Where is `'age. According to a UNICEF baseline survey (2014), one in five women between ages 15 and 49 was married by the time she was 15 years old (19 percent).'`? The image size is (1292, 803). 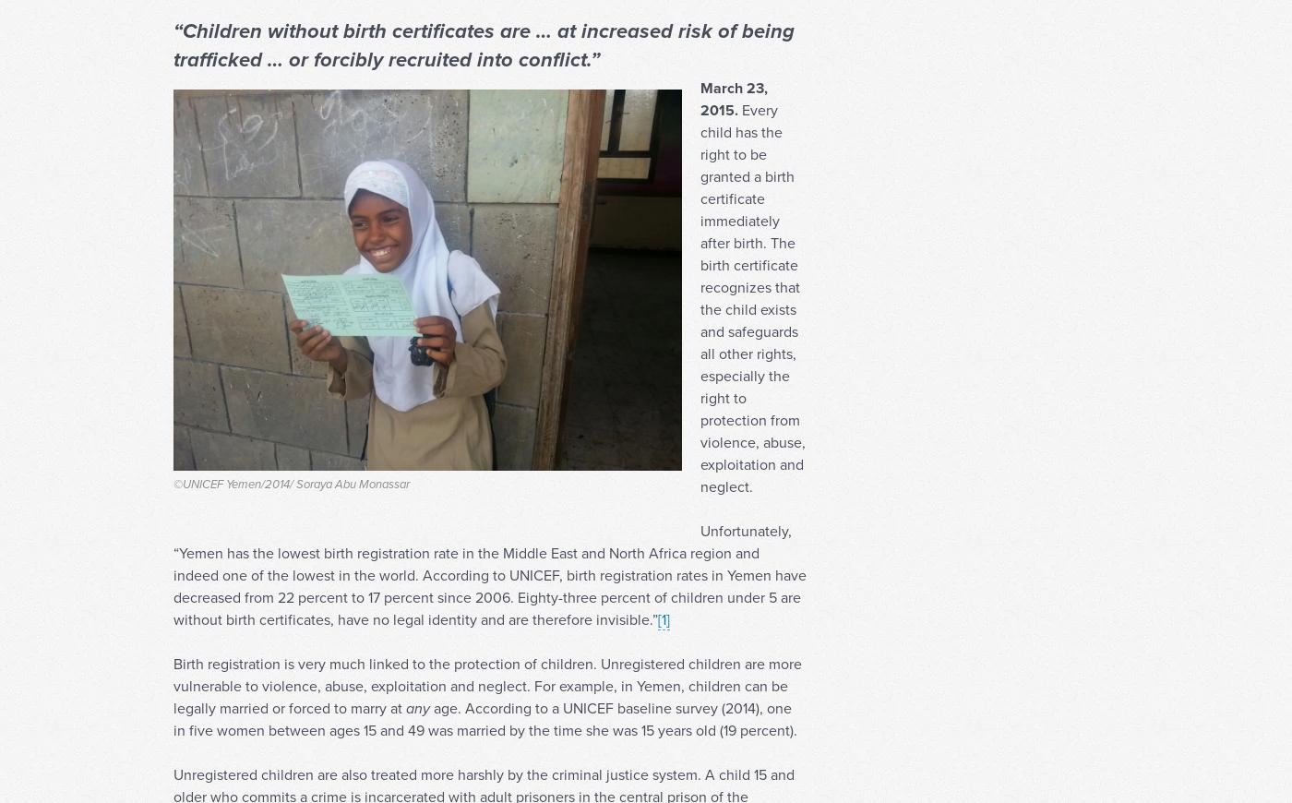 'age. According to a UNICEF baseline survey (2014), one in five women between ages 15 and 49 was married by the time she was 15 years old (19 percent).' is located at coordinates (173, 754).